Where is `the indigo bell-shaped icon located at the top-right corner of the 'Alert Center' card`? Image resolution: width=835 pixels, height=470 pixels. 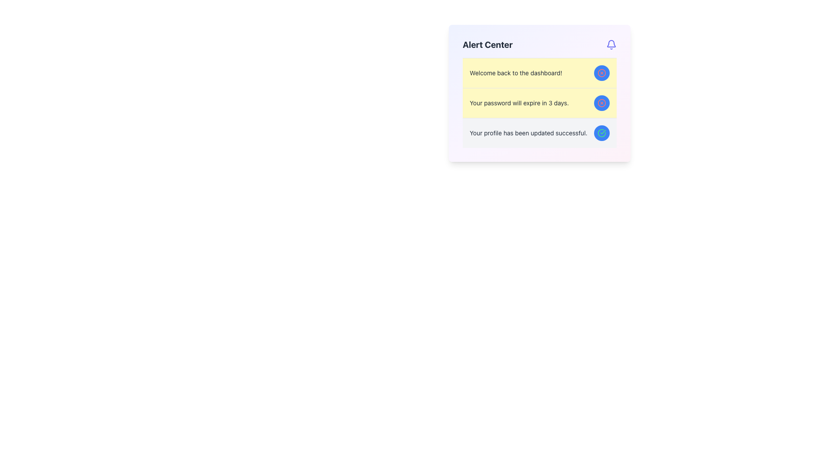 the indigo bell-shaped icon located at the top-right corner of the 'Alert Center' card is located at coordinates (611, 45).